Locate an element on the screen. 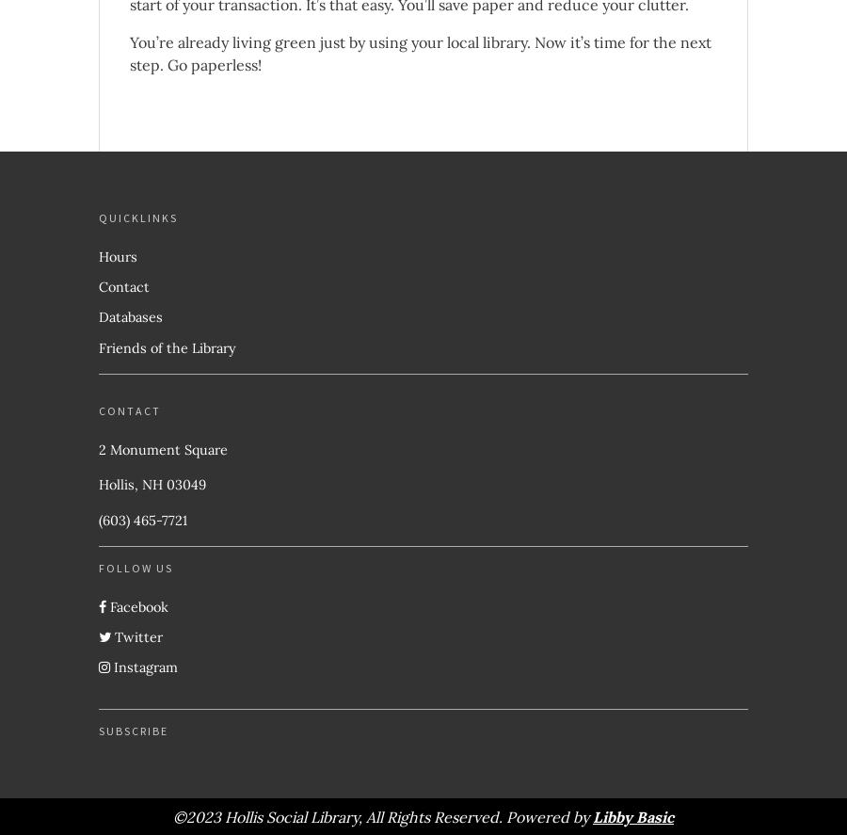  '(603) 465-7721' is located at coordinates (143, 518).